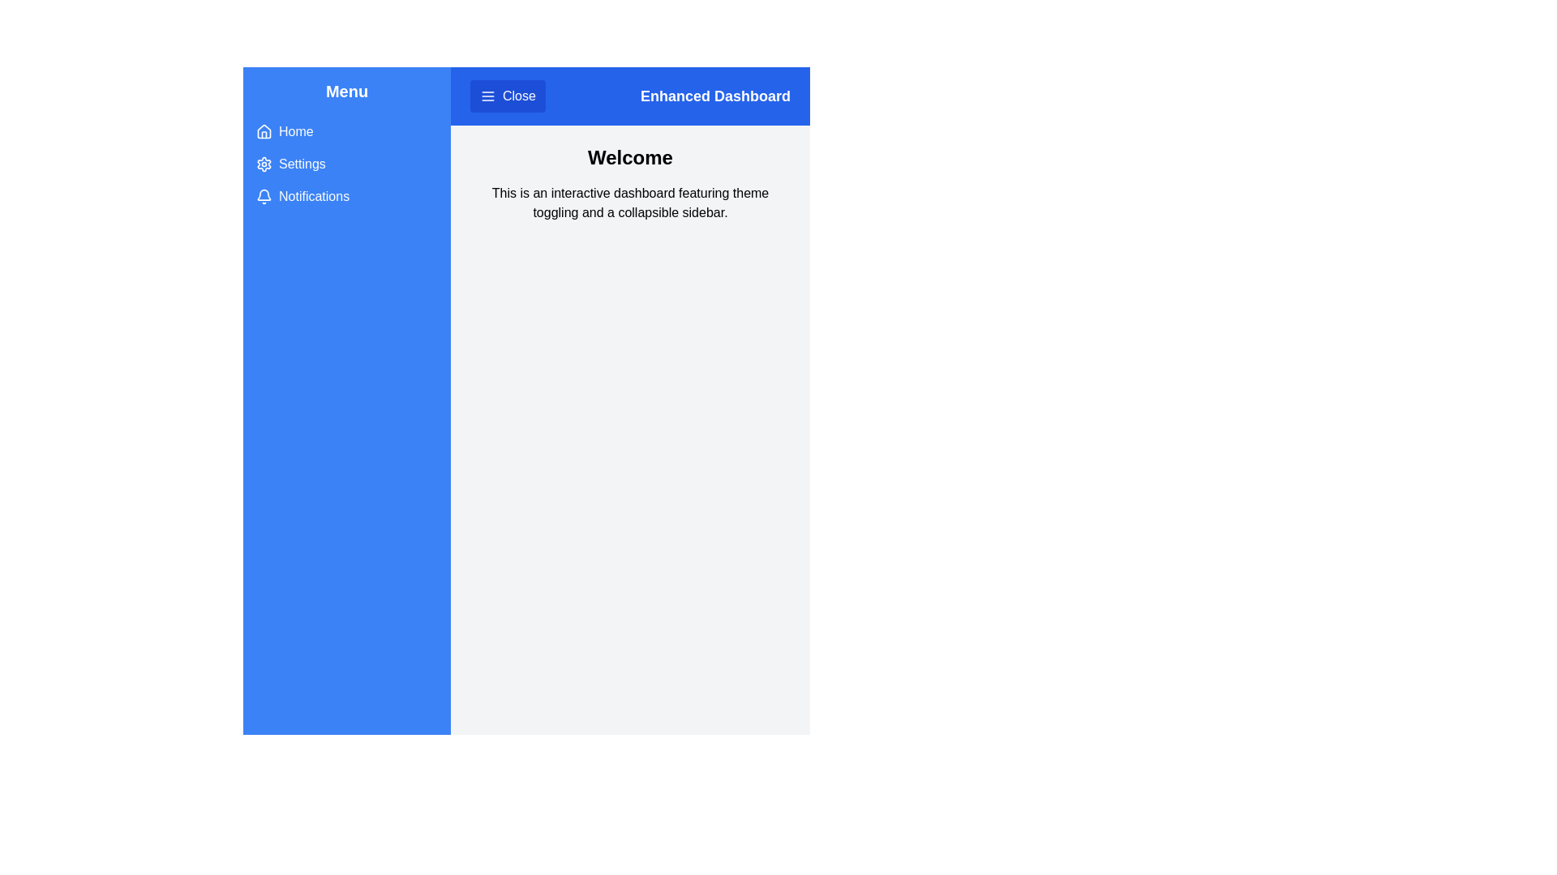  Describe the element at coordinates (264, 164) in the screenshot. I see `the gear-shaped icon in the sidebar menu` at that location.